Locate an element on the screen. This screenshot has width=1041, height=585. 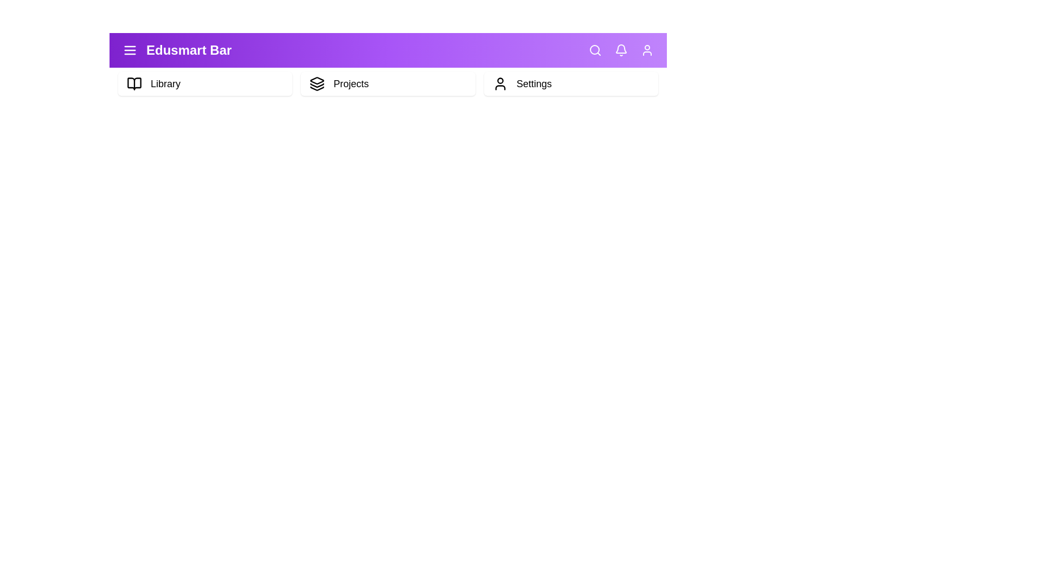
the 'Projects' button in the menu is located at coordinates (388, 83).